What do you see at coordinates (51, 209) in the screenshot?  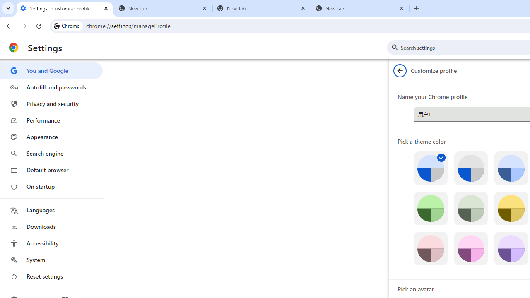 I see `'Languages'` at bounding box center [51, 209].